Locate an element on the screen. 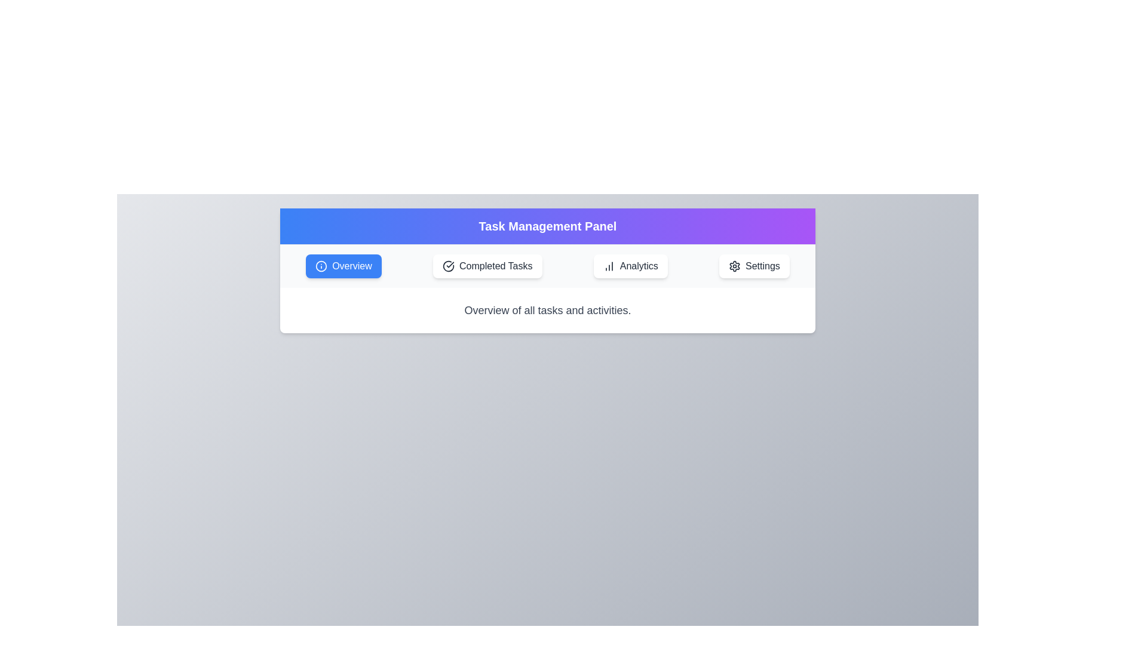 The width and height of the screenshot is (1147, 645). the circular SVG icon that represents general information, located at the center of the 'Overview' button in the main navigation panel is located at coordinates (321, 266).